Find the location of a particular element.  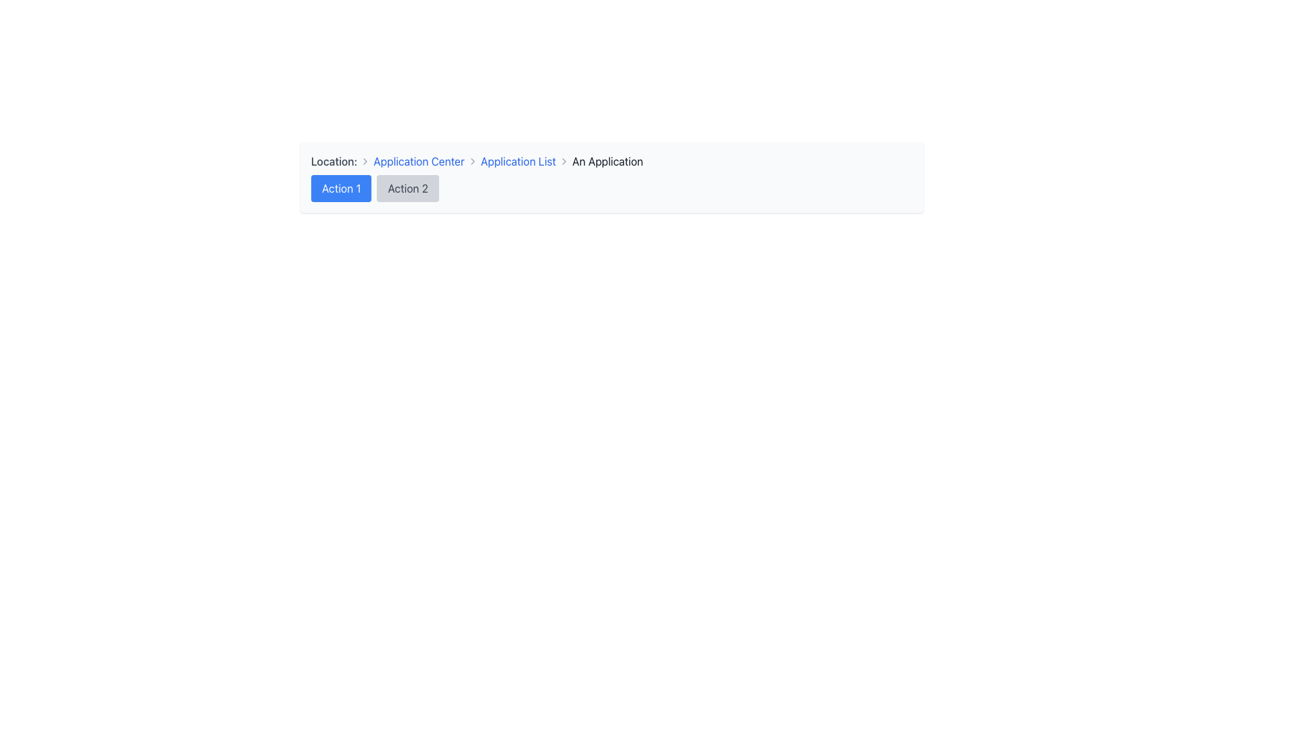

the gray right-pointing chevron icon located between 'Application List' and 'An Application' in the breadcrumb navigation is located at coordinates (564, 161).